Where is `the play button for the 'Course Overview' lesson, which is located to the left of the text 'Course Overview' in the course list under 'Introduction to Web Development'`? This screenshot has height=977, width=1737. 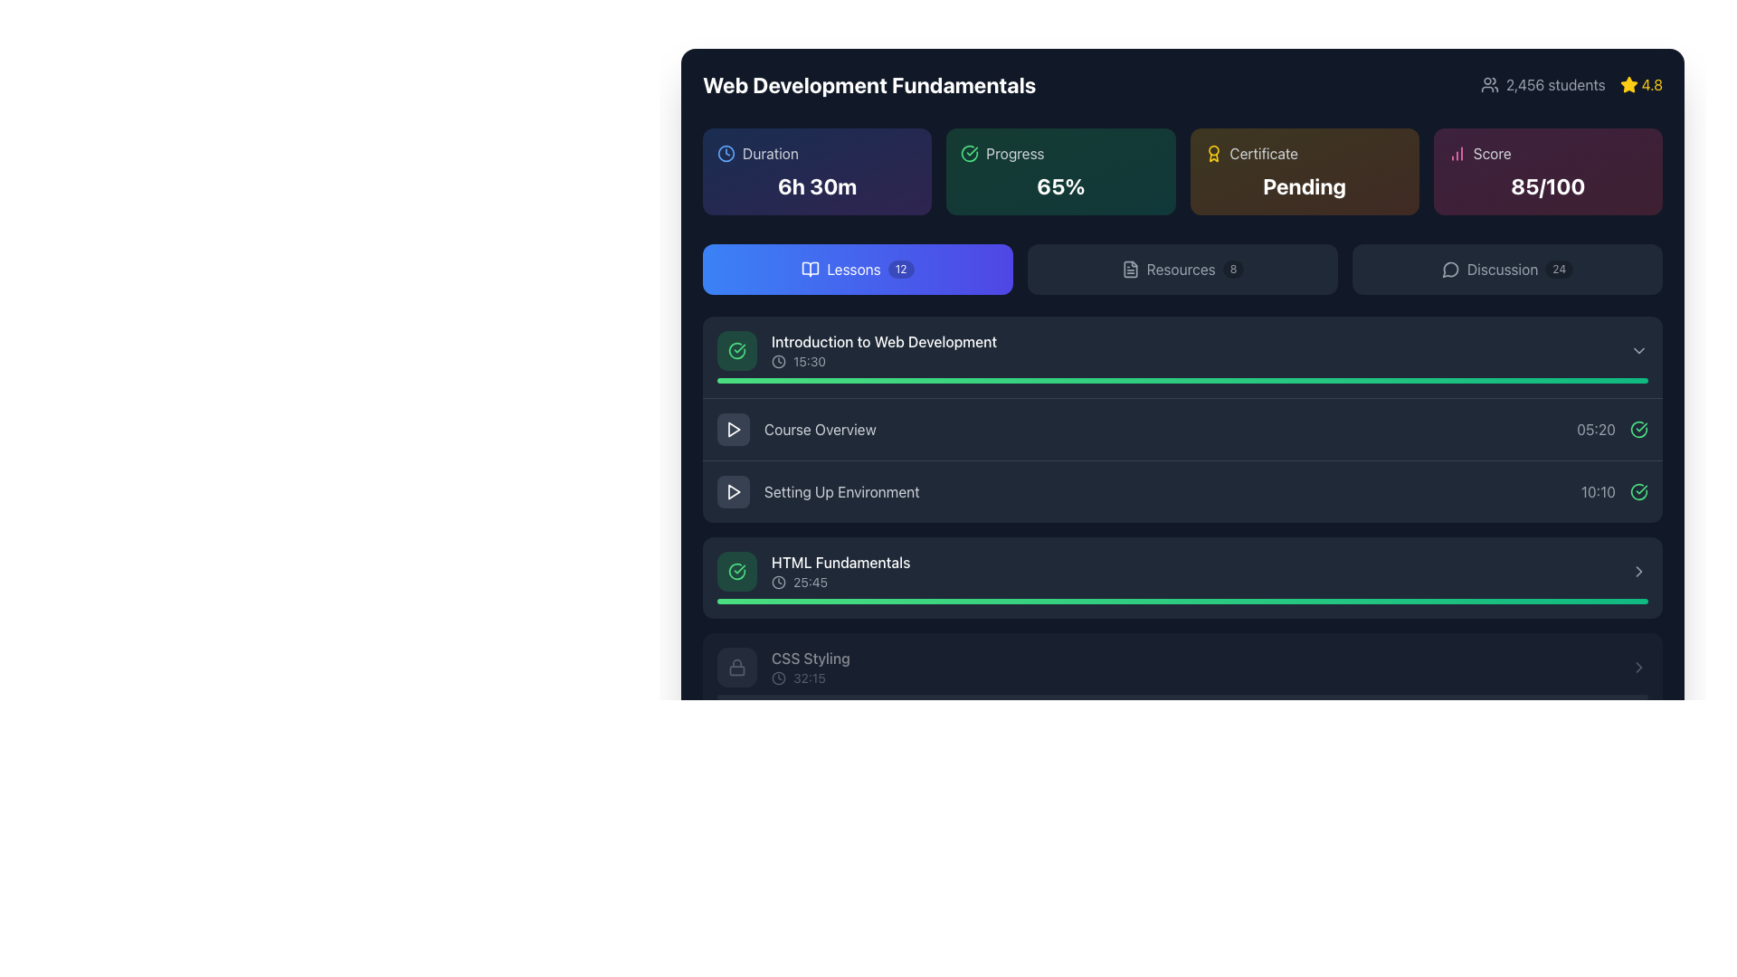
the play button for the 'Course Overview' lesson, which is located to the left of the text 'Course Overview' in the course list under 'Introduction to Web Development' is located at coordinates (734, 429).